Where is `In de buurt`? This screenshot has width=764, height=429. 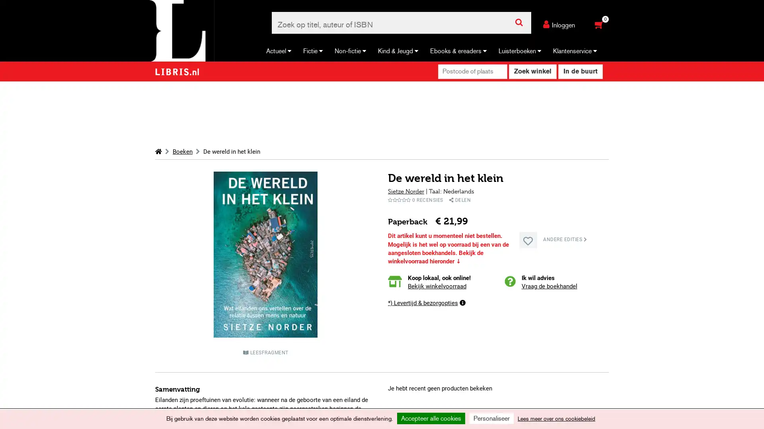
In de buurt is located at coordinates (581, 71).